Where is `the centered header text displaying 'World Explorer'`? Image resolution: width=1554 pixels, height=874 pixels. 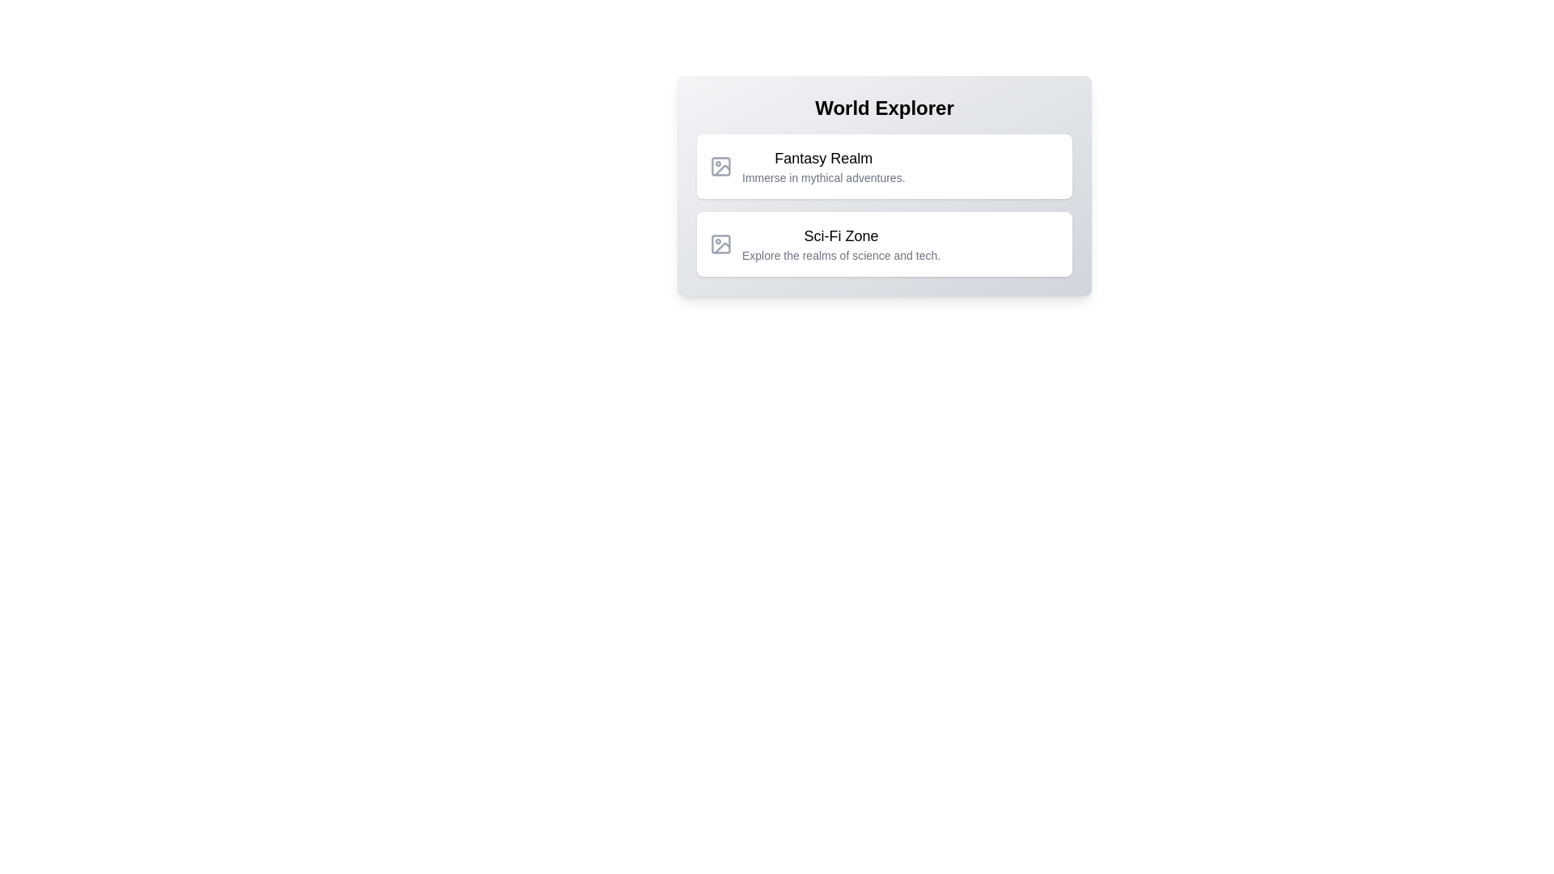 the centered header text displaying 'World Explorer' is located at coordinates (884, 108).